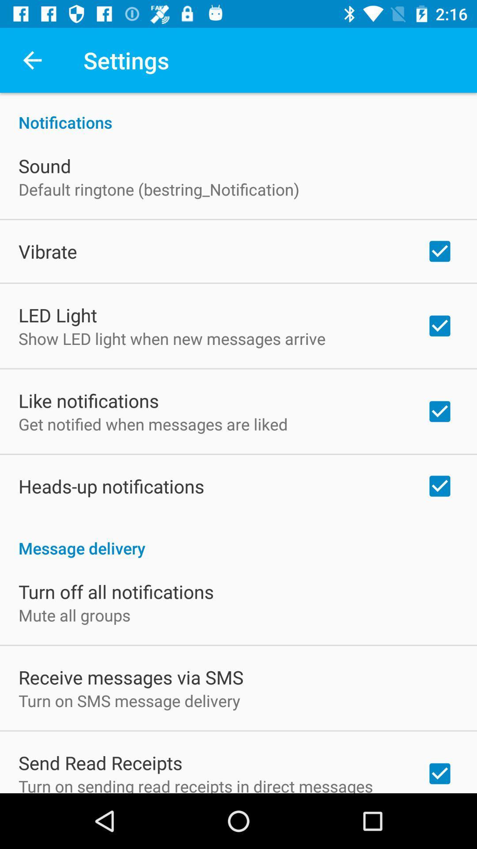 This screenshot has height=849, width=477. I want to click on default ringtone (bestring_notification) item, so click(158, 189).